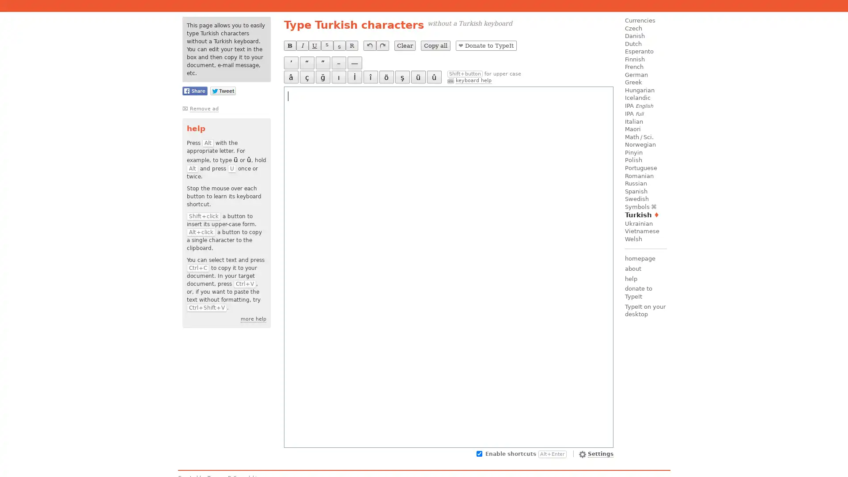 The height and width of the screenshot is (477, 848). Describe the element at coordinates (382, 45) in the screenshot. I see `redo last undone operation (Ctrl+Y)` at that location.